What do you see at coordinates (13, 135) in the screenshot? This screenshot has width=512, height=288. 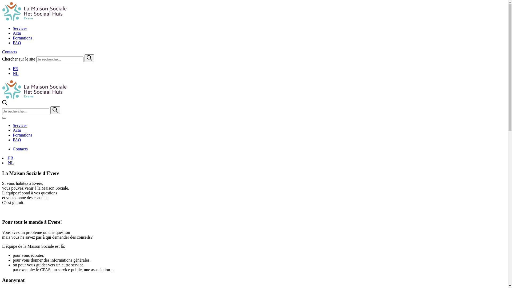 I see `'Formations'` at bounding box center [13, 135].